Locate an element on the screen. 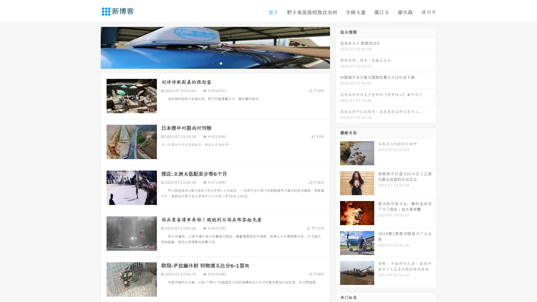  Go to slide 1 is located at coordinates (209, 63).